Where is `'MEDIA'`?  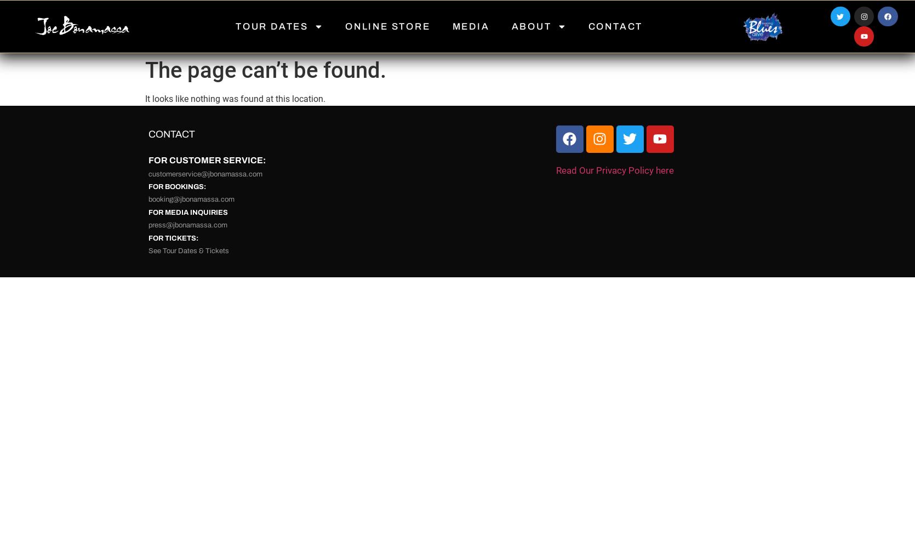
'MEDIA' is located at coordinates (451, 26).